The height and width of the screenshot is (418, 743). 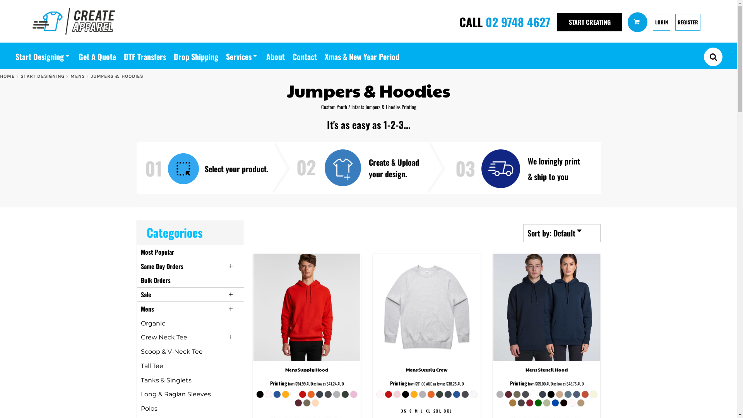 I want to click on 'START CREATING', so click(x=559, y=22).